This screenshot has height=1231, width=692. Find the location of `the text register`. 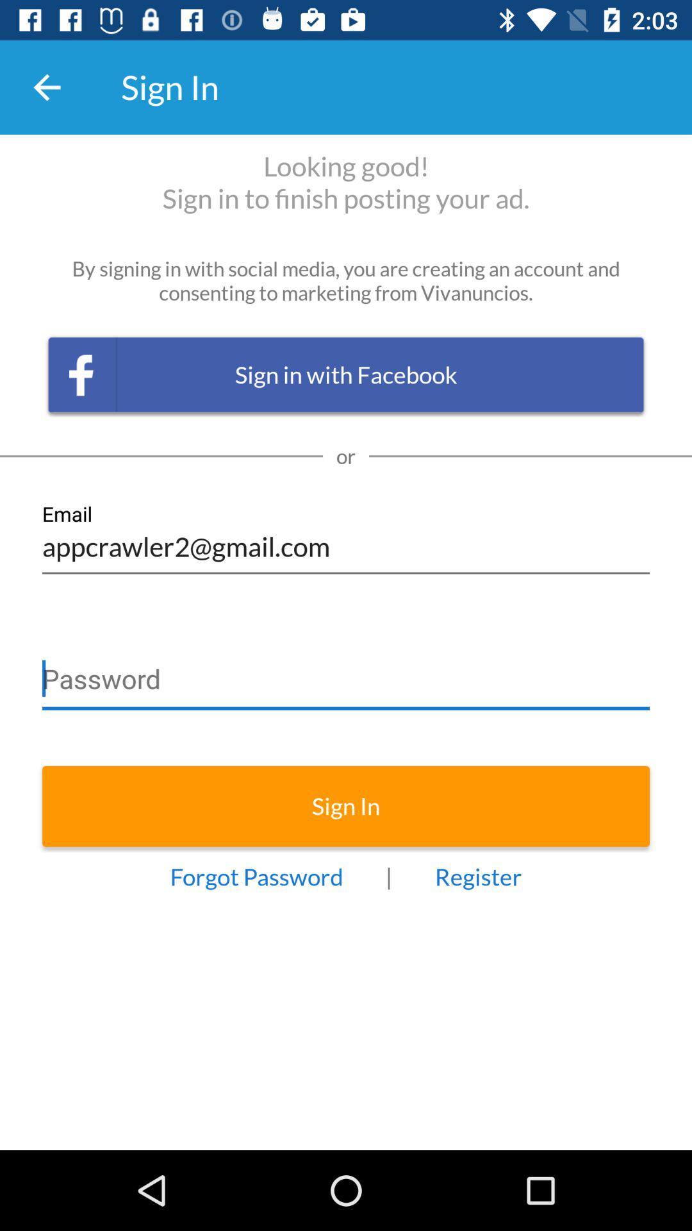

the text register is located at coordinates (479, 876).